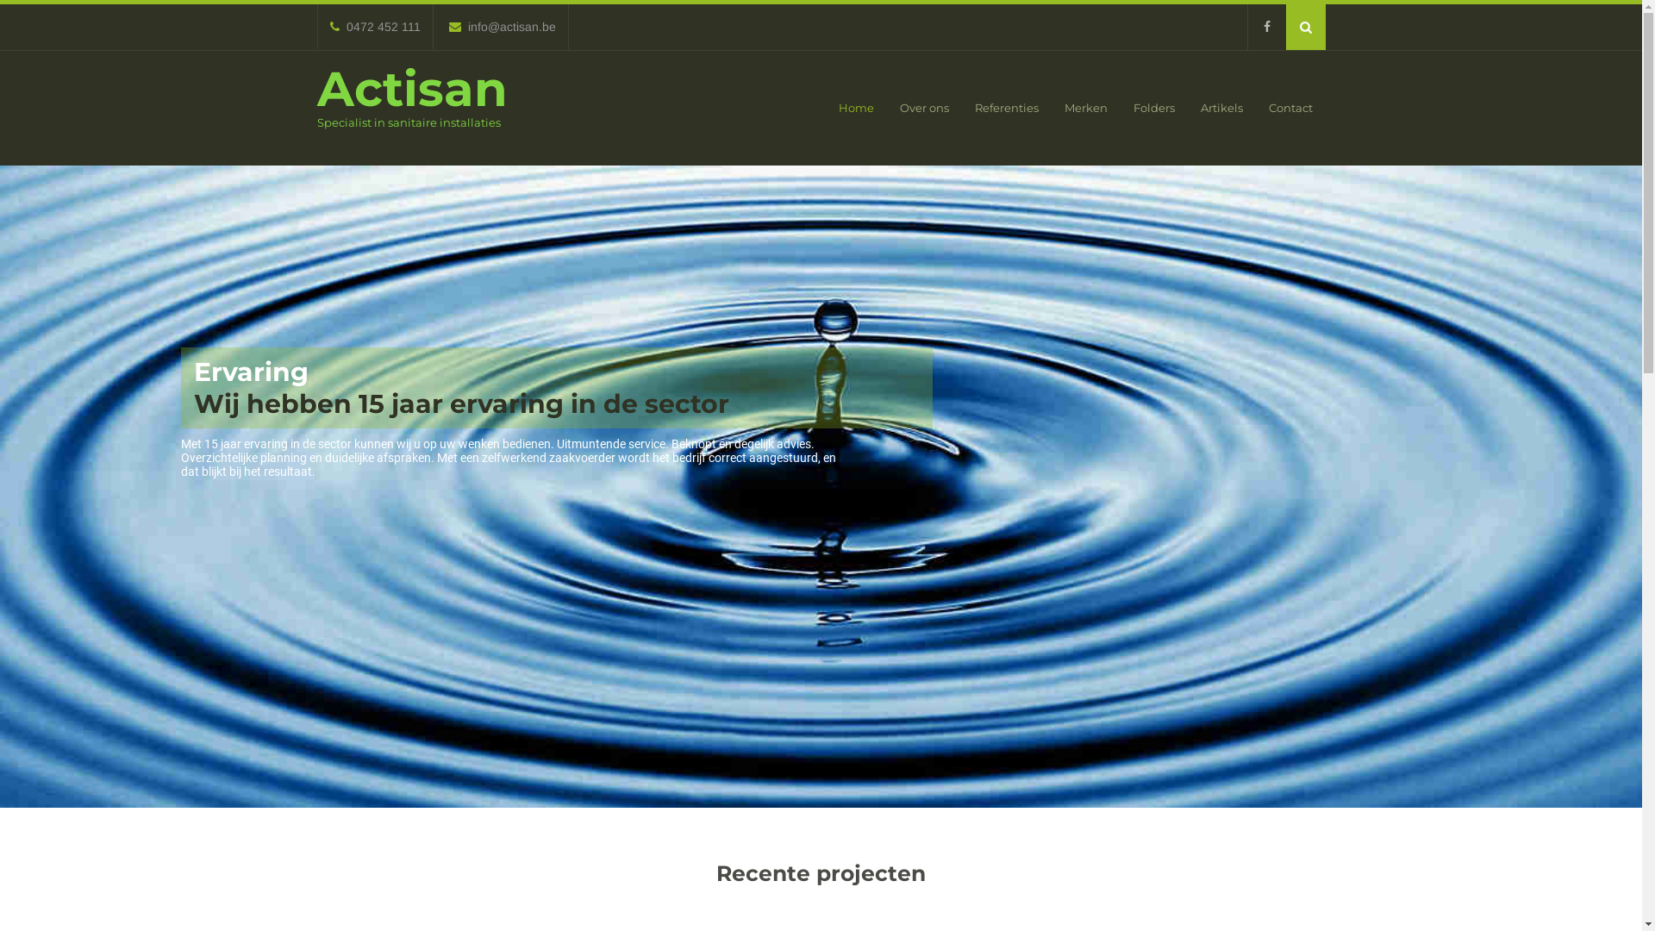 The image size is (1655, 931). What do you see at coordinates (856, 108) in the screenshot?
I see `'Home'` at bounding box center [856, 108].